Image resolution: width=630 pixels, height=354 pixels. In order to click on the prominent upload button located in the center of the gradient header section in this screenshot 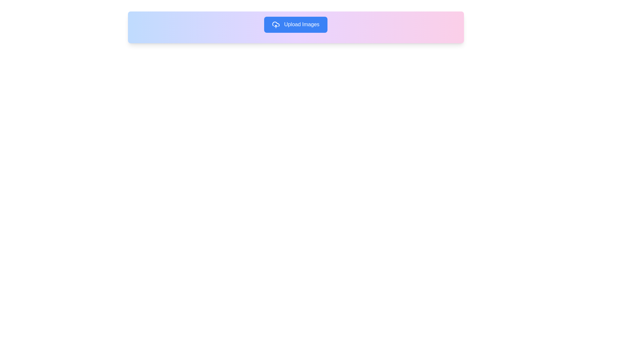, I will do `click(295, 24)`.